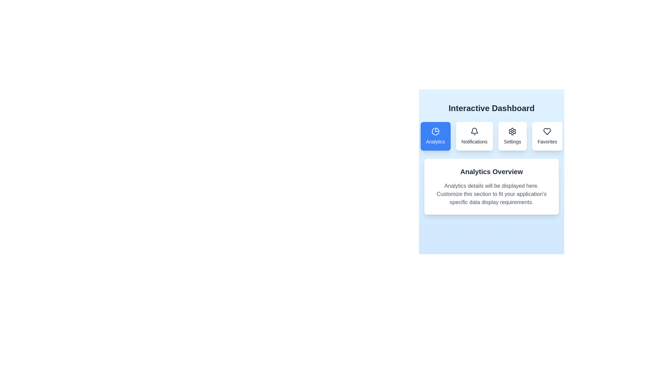 The image size is (655, 368). What do you see at coordinates (491, 186) in the screenshot?
I see `the Informational Panel located centrally below the 'Analytics' option in the options row` at bounding box center [491, 186].